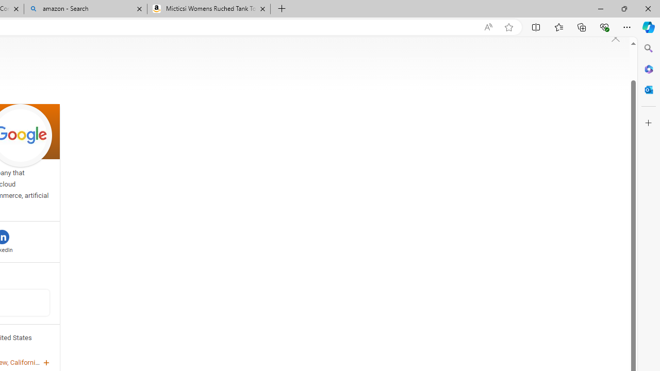  Describe the element at coordinates (86, 9) in the screenshot. I see `'amazon - Search'` at that location.